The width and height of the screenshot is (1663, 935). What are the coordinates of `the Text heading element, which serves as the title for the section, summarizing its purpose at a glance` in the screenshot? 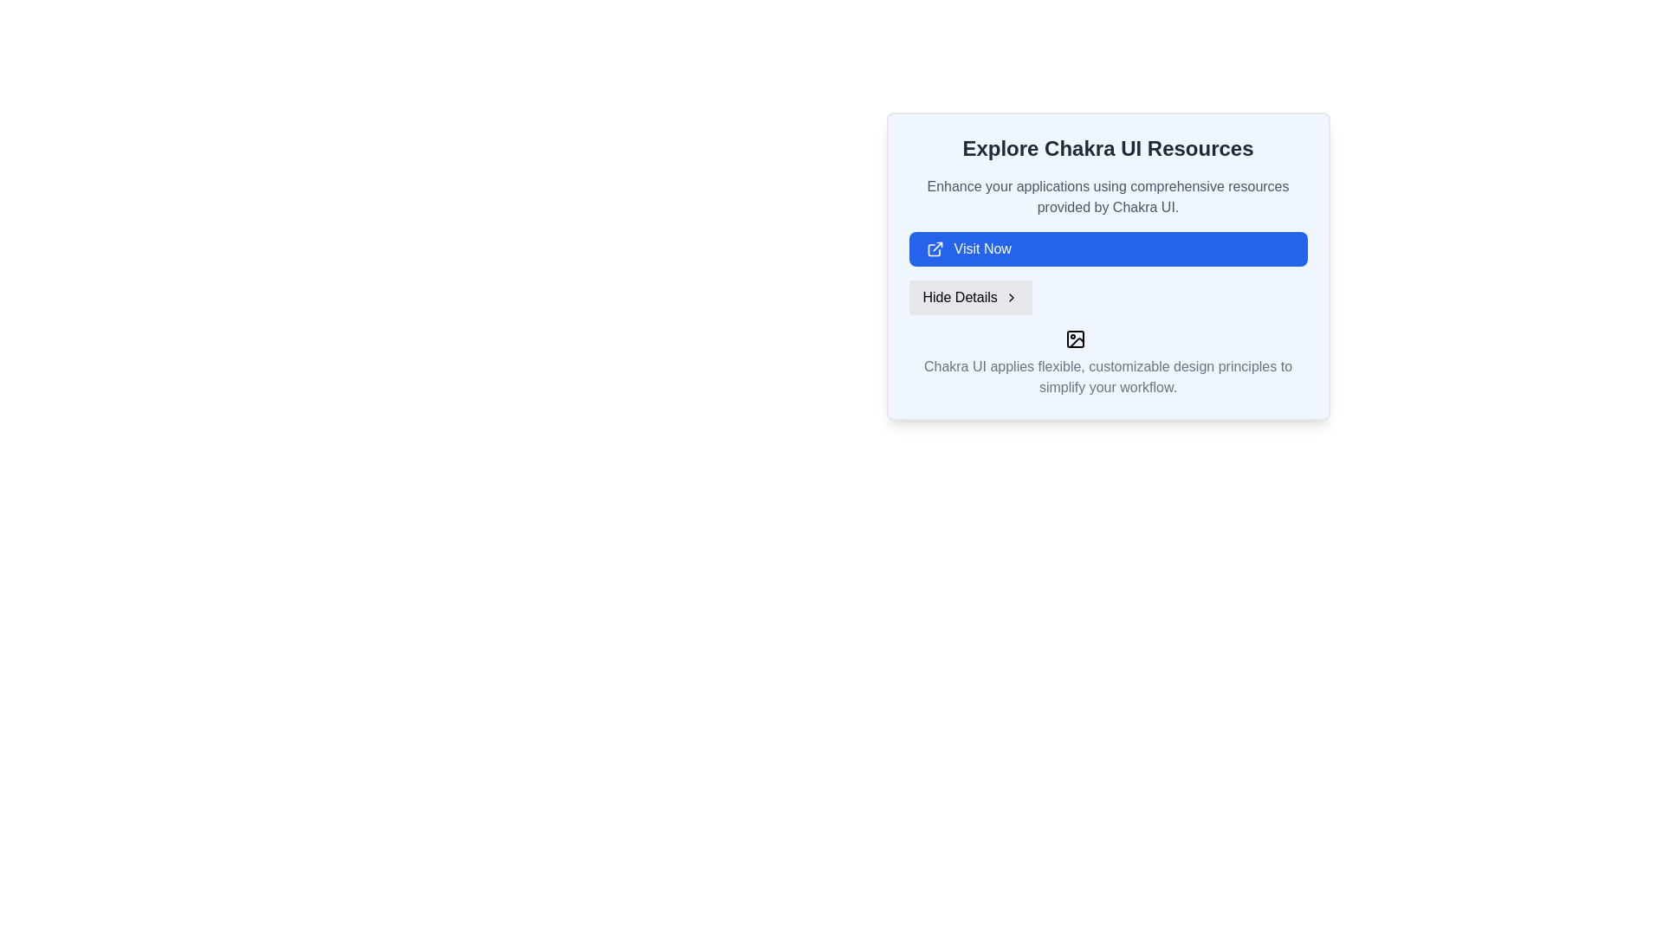 It's located at (1107, 148).